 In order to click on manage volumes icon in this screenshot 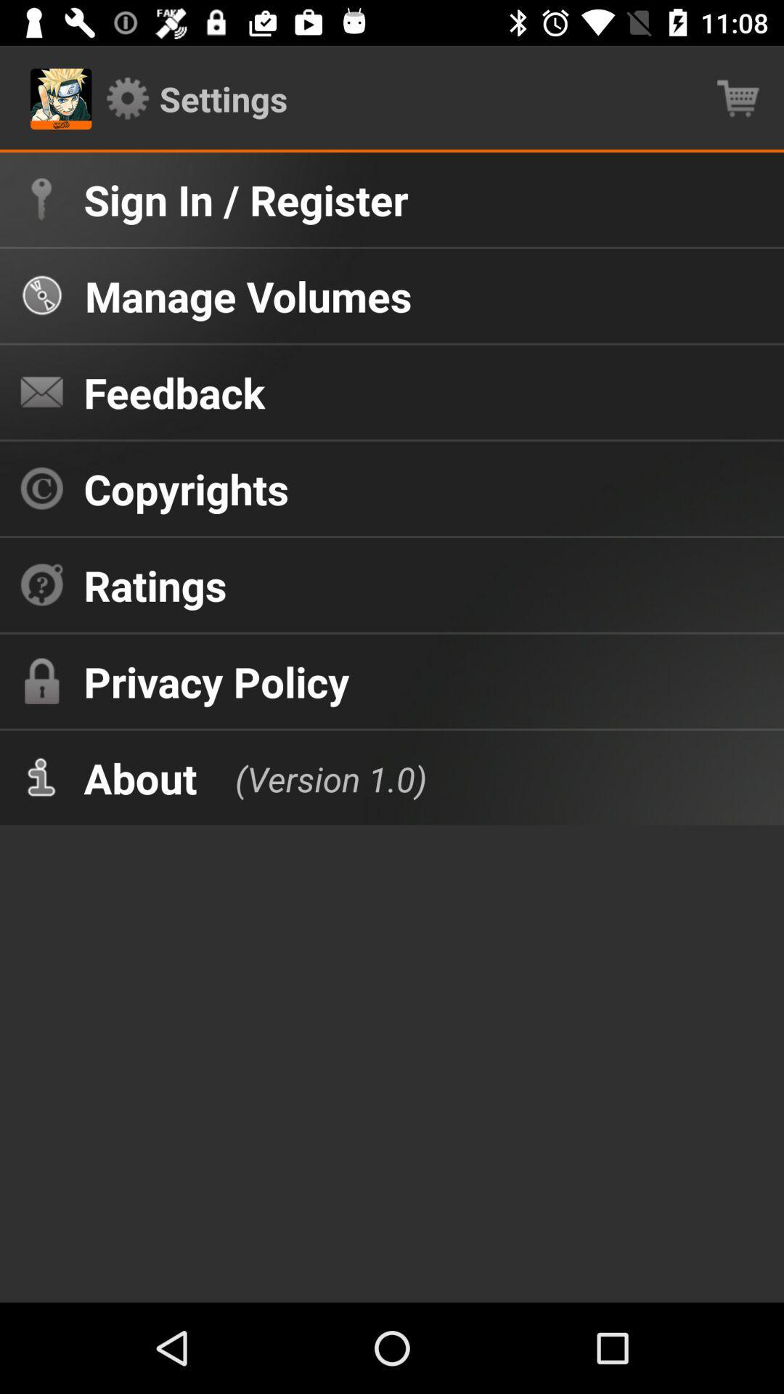, I will do `click(248, 295)`.